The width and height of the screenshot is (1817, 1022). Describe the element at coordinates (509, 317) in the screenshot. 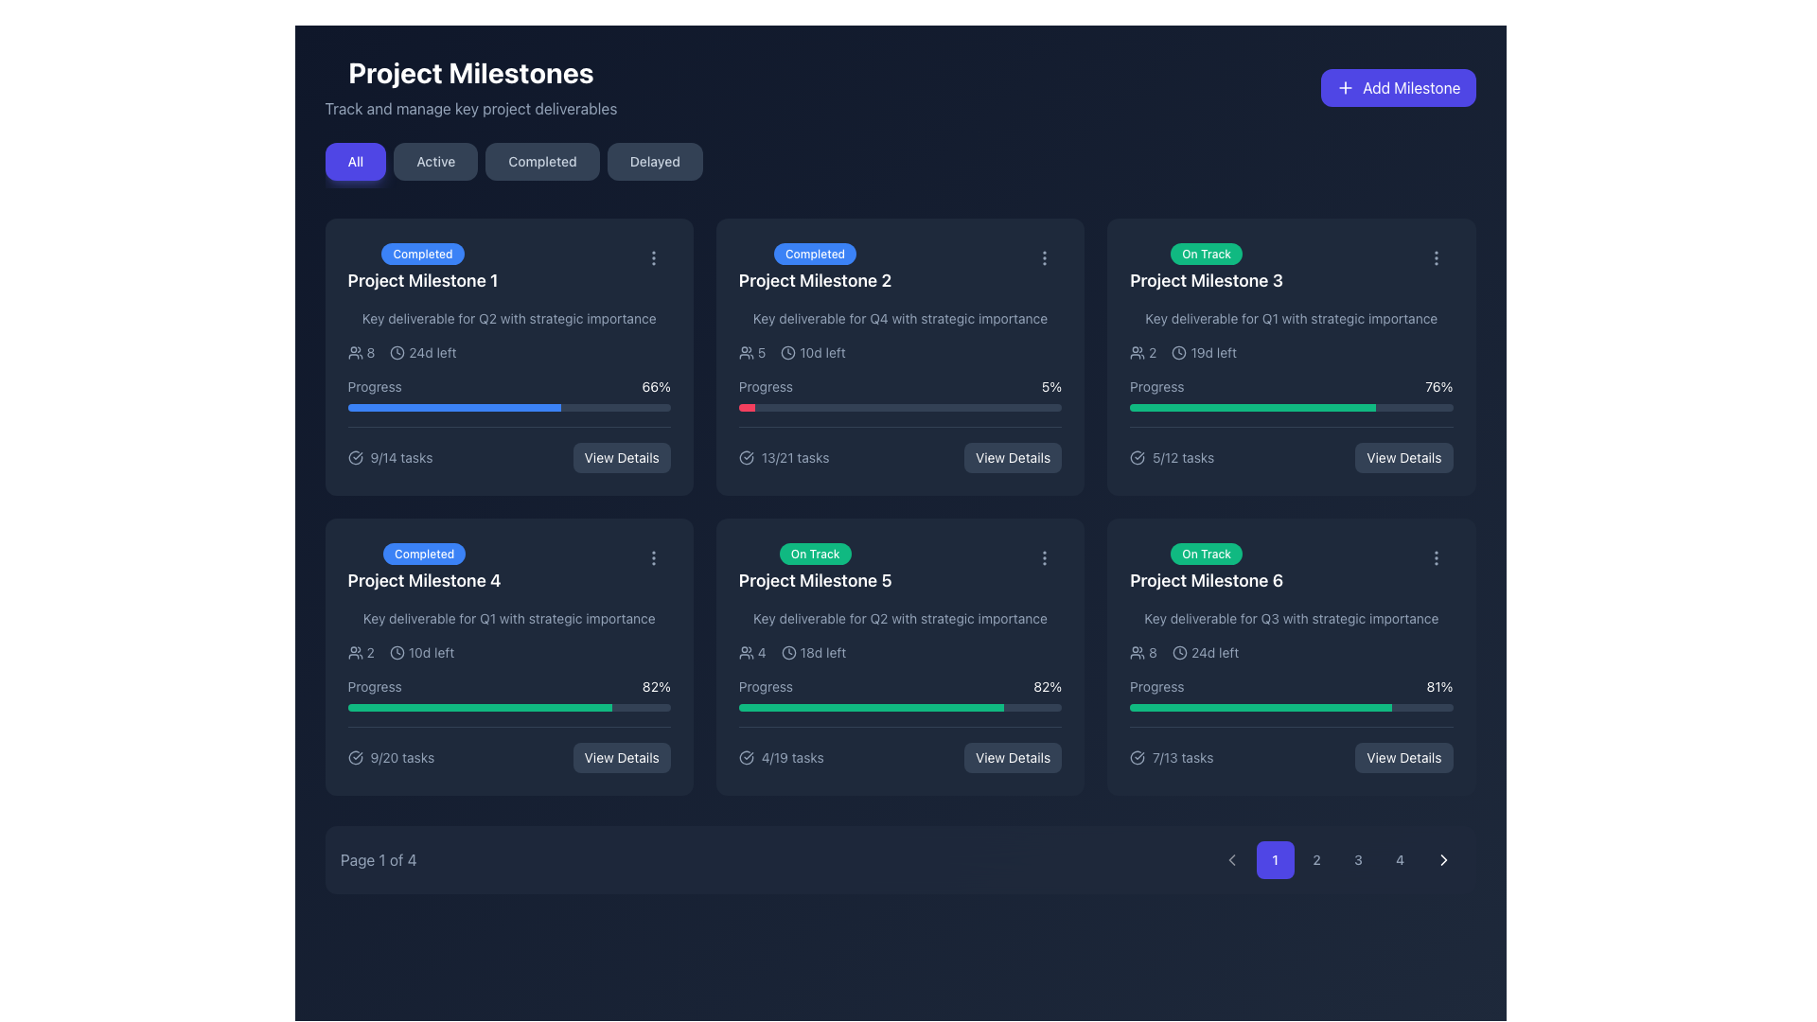

I see `the text label displaying 'Key deliverable for Q2 with strategic importance' located in the first project milestone card, beneath 'Project Milestone 1' and above the progress bar` at that location.